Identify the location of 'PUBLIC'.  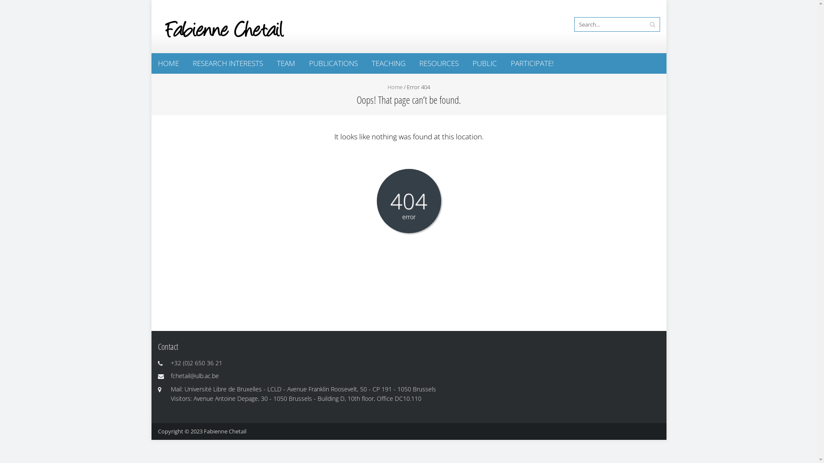
(485, 63).